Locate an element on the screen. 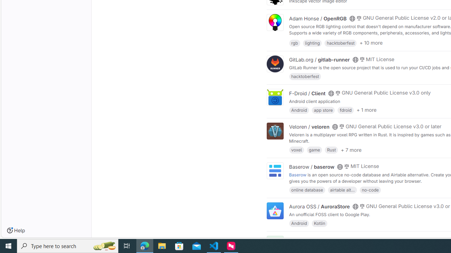 The width and height of the screenshot is (451, 253). 'no-code' is located at coordinates (370, 189).